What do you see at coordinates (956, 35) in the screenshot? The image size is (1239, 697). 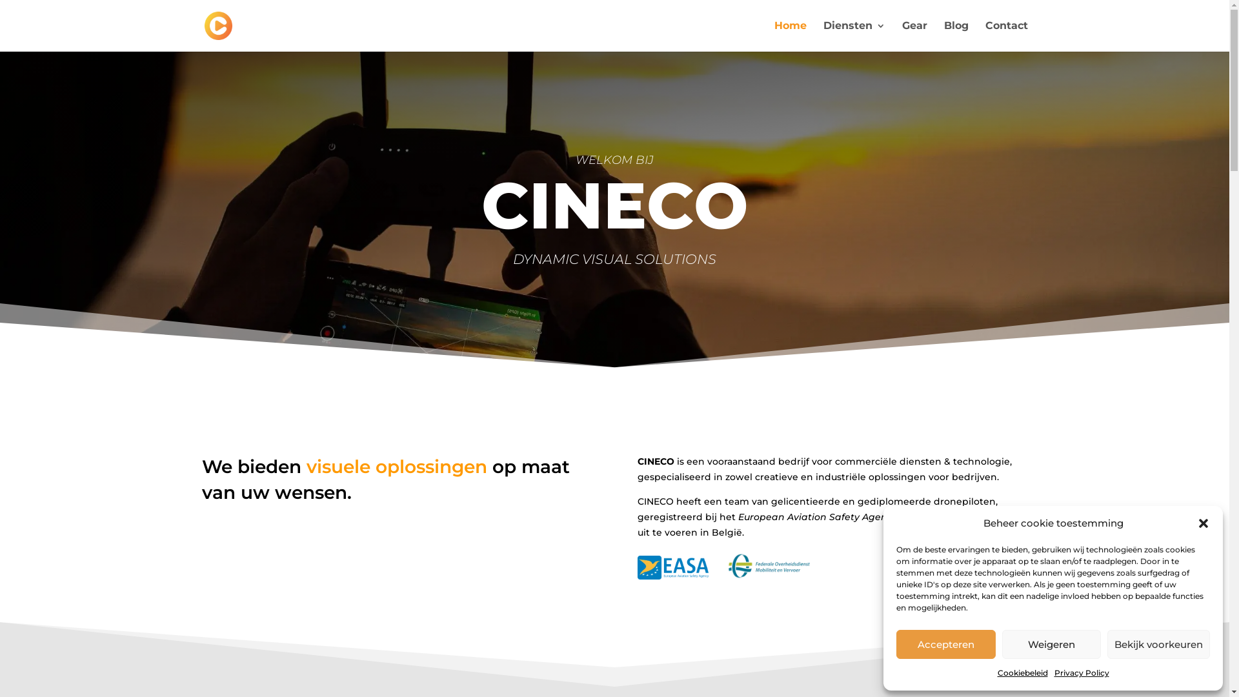 I see `'Blog'` at bounding box center [956, 35].